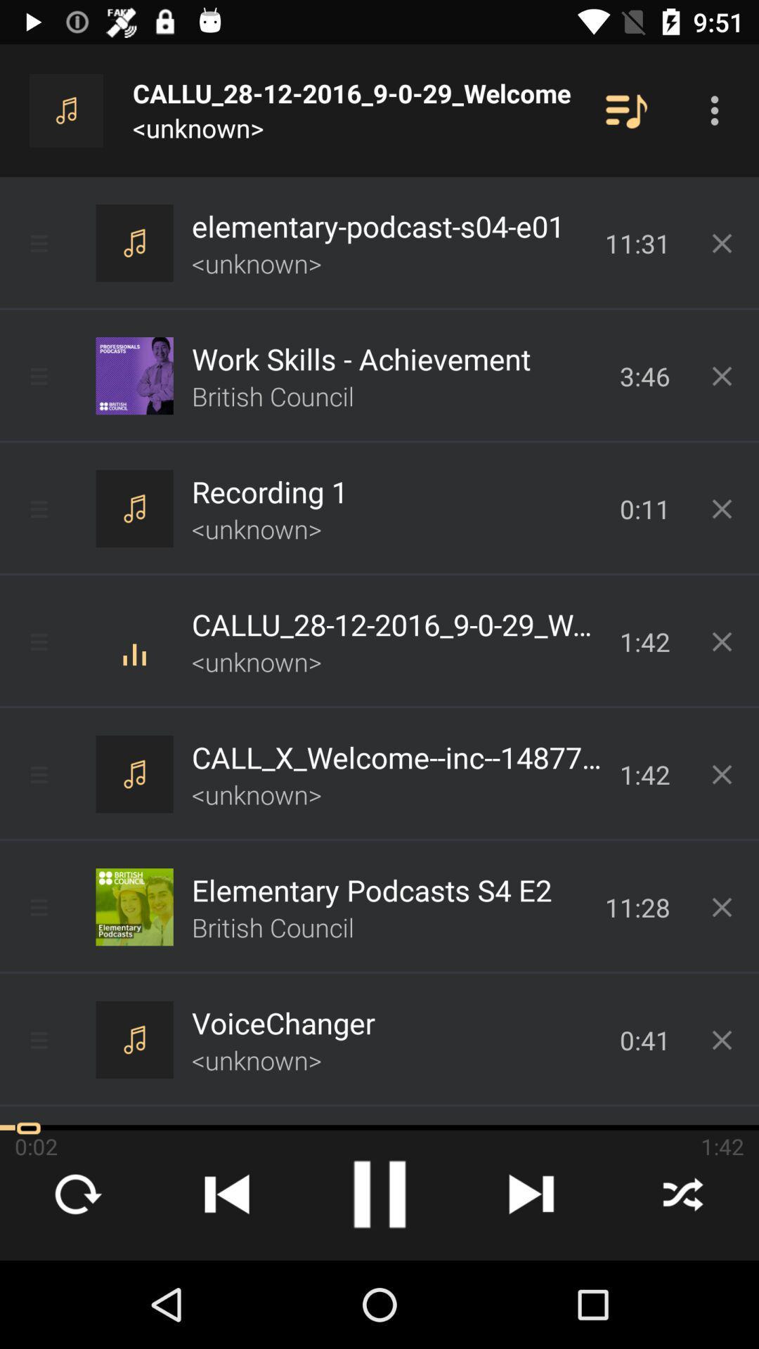 Image resolution: width=759 pixels, height=1349 pixels. I want to click on the skip_next icon, so click(531, 1193).